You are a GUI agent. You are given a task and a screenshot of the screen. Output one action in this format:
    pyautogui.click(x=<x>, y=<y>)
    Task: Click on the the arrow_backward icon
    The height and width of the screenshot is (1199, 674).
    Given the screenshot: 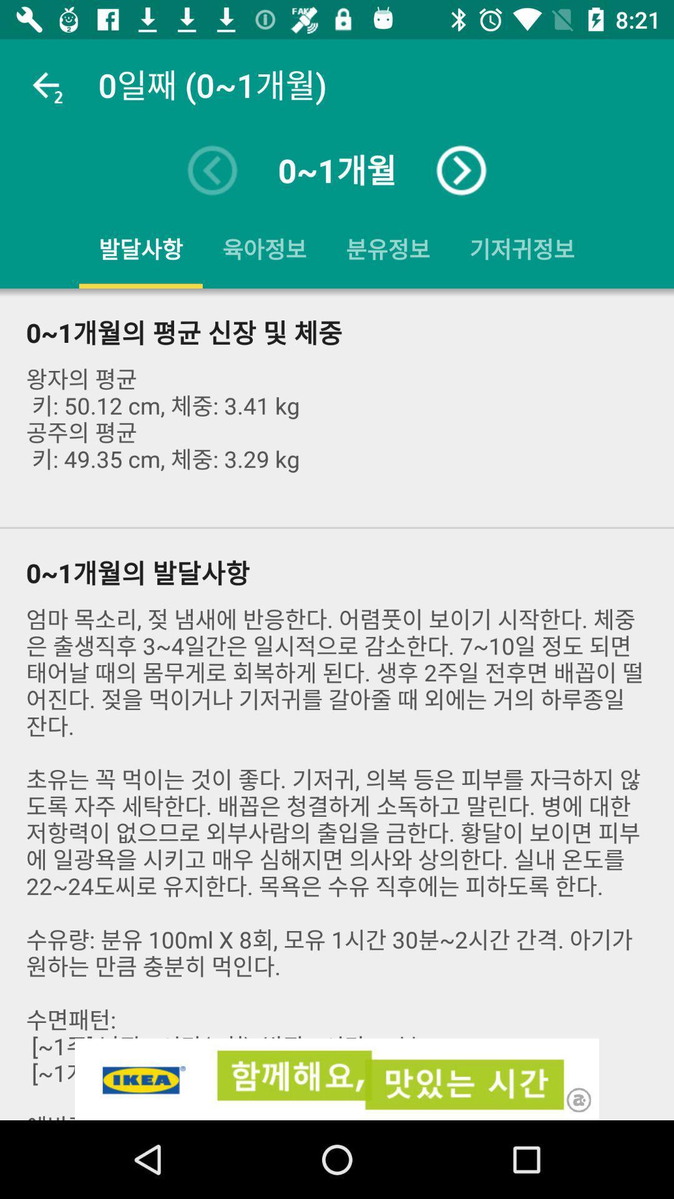 What is the action you would take?
    pyautogui.click(x=212, y=170)
    